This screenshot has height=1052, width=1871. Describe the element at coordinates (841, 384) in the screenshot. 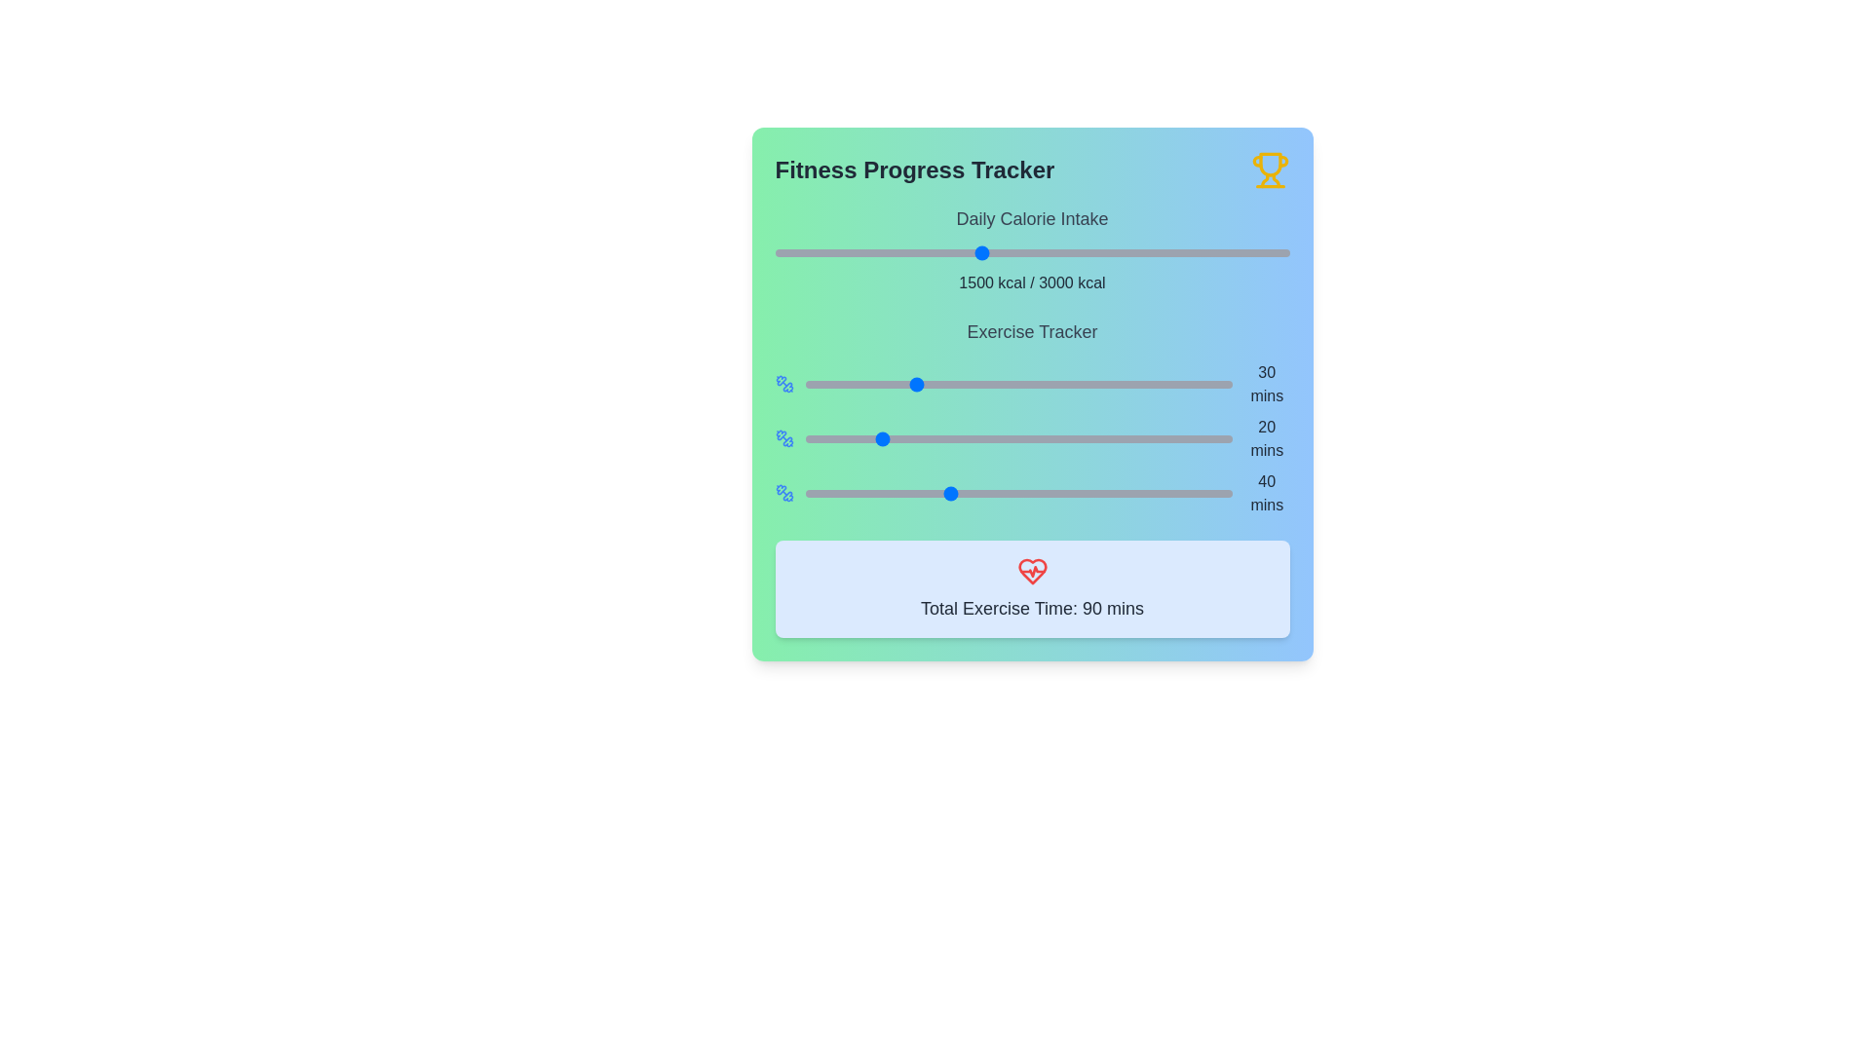

I see `the exercise time` at that location.